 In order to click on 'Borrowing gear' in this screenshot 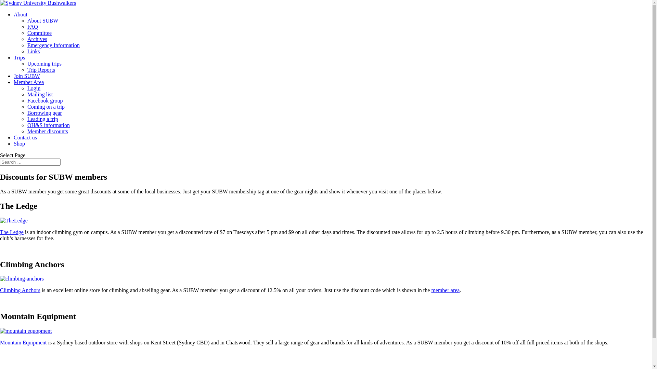, I will do `click(44, 112)`.